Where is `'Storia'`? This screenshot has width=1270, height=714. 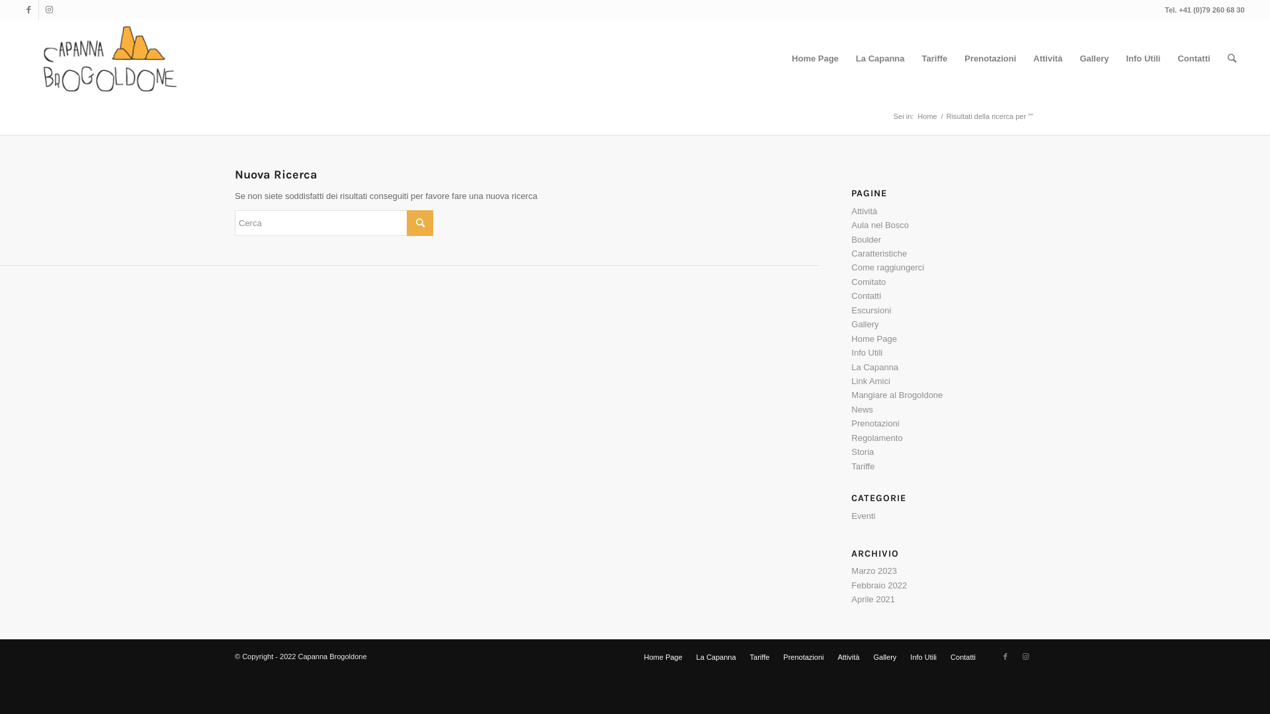 'Storia' is located at coordinates (851, 451).